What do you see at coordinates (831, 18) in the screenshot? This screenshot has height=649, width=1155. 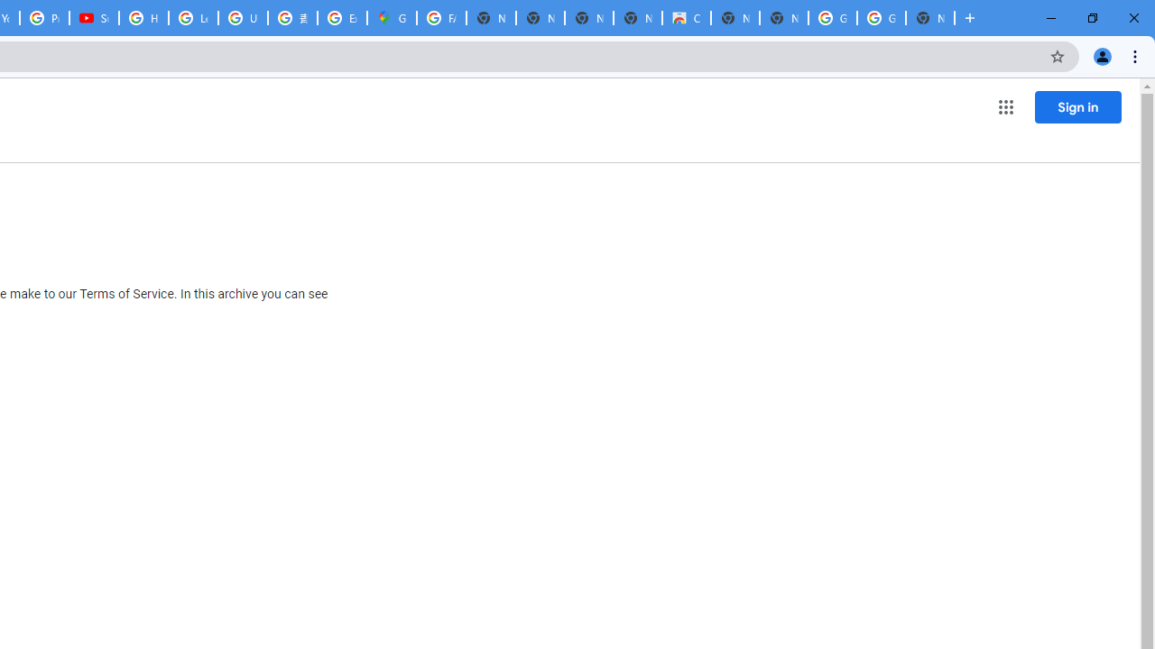 I see `'Google Images'` at bounding box center [831, 18].